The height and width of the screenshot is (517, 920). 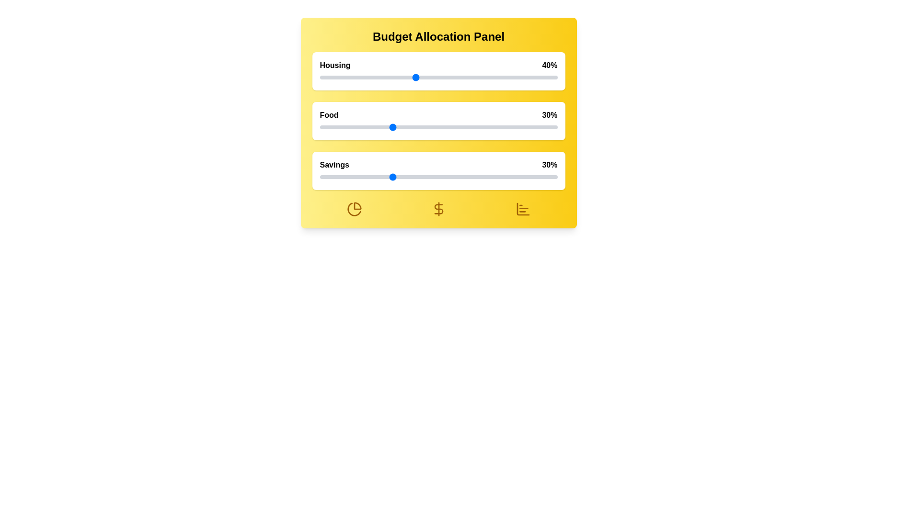 I want to click on the allocation percentage for 'Food', so click(x=379, y=127).